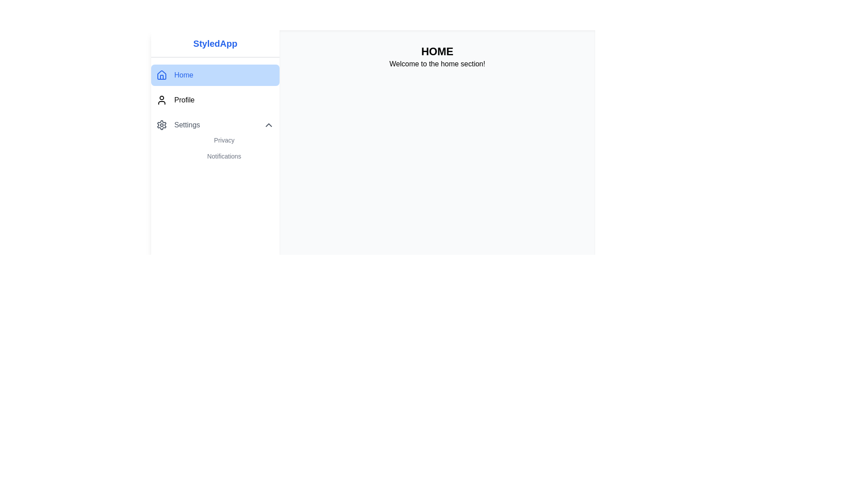 Image resolution: width=856 pixels, height=481 pixels. I want to click on the navigational text label located in the left navigation panel beneath the 'Profile' option, so click(186, 125).